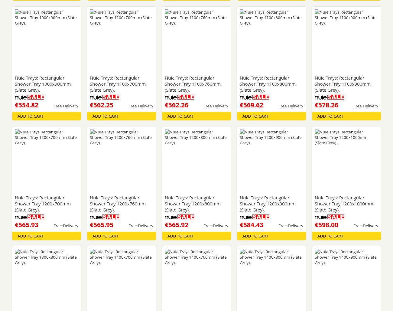 Image resolution: width=393 pixels, height=311 pixels. Describe the element at coordinates (176, 224) in the screenshot. I see `'€565.92'` at that location.